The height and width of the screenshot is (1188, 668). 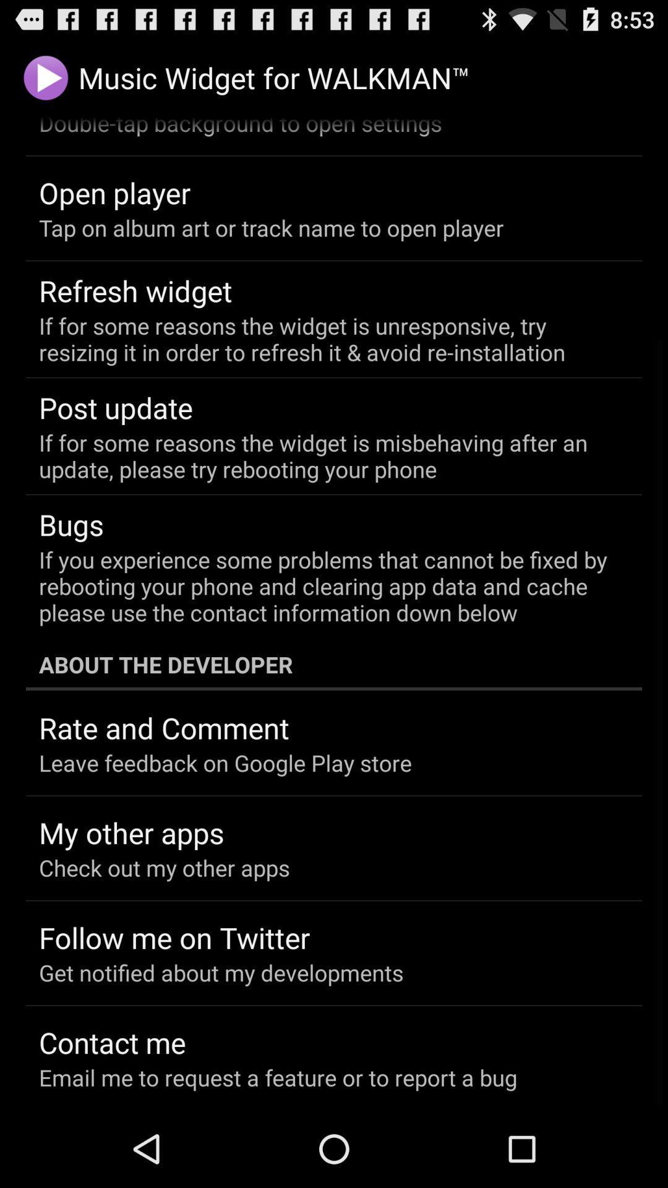 I want to click on about the developer icon, so click(x=334, y=664).